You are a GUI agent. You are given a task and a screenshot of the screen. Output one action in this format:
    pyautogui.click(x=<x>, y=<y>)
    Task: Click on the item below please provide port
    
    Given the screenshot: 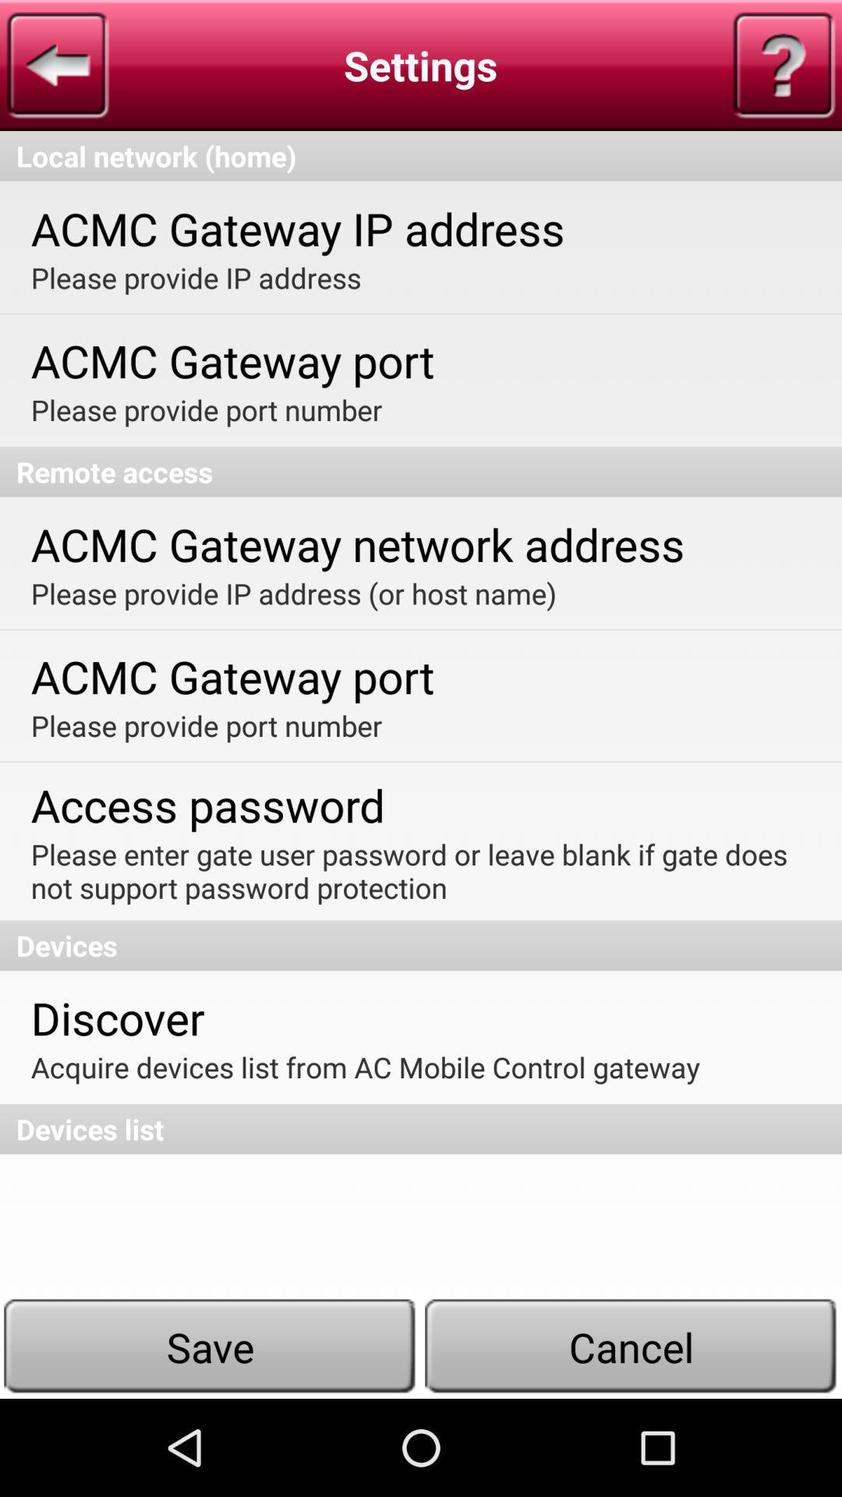 What is the action you would take?
    pyautogui.click(x=421, y=471)
    